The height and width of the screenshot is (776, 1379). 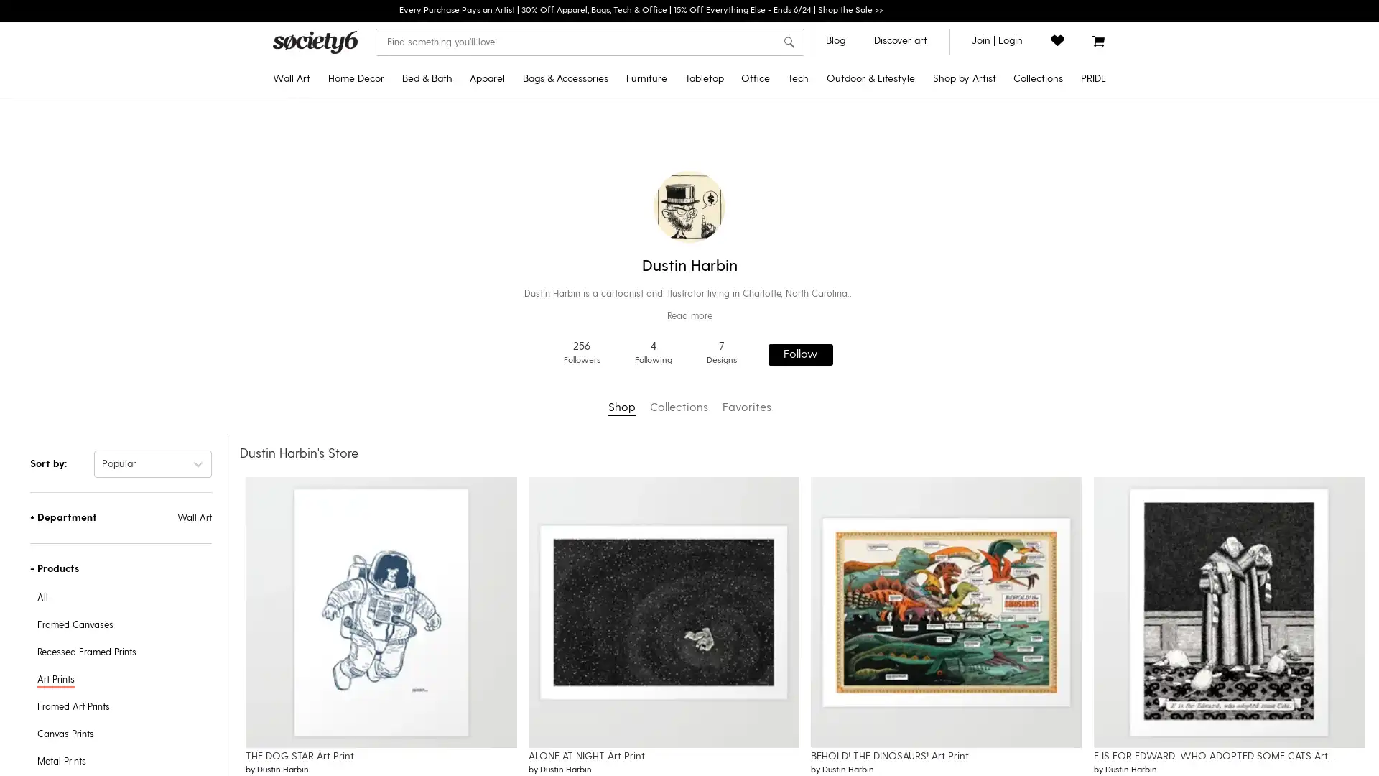 What do you see at coordinates (889, 115) in the screenshot?
I see `Outdoor RugsNEW` at bounding box center [889, 115].